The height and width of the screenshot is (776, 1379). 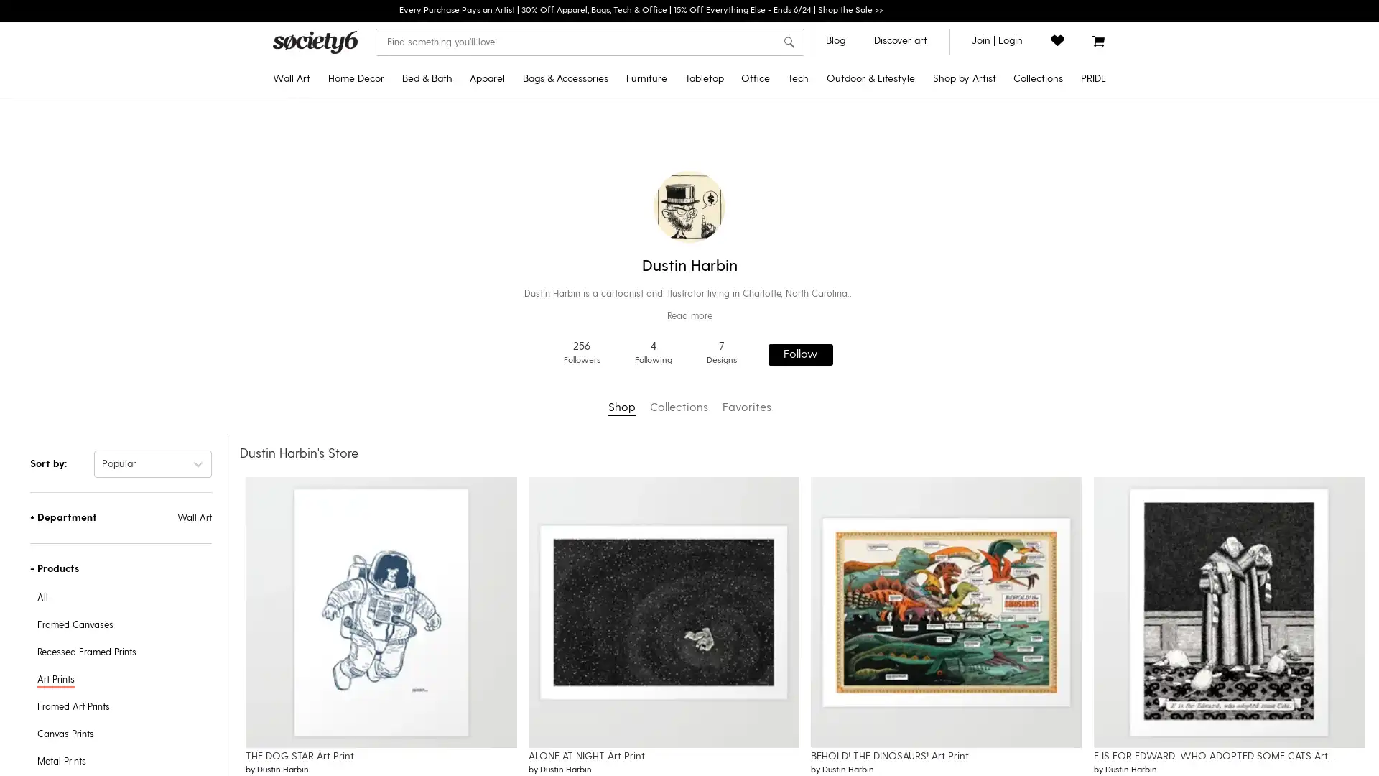 What do you see at coordinates (889, 115) in the screenshot?
I see `Outdoor RugsNEW` at bounding box center [889, 115].